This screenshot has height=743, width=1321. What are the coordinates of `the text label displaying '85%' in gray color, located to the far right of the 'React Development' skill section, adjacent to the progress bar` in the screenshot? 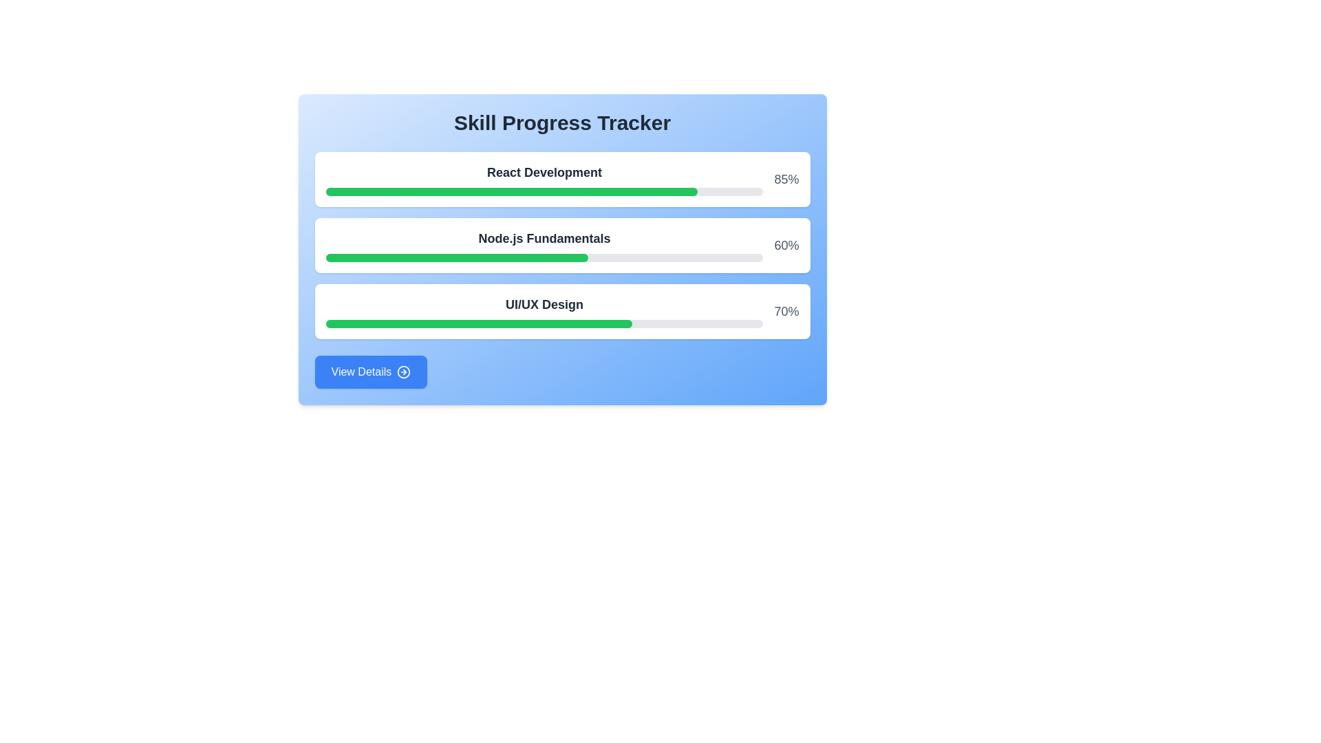 It's located at (786, 179).